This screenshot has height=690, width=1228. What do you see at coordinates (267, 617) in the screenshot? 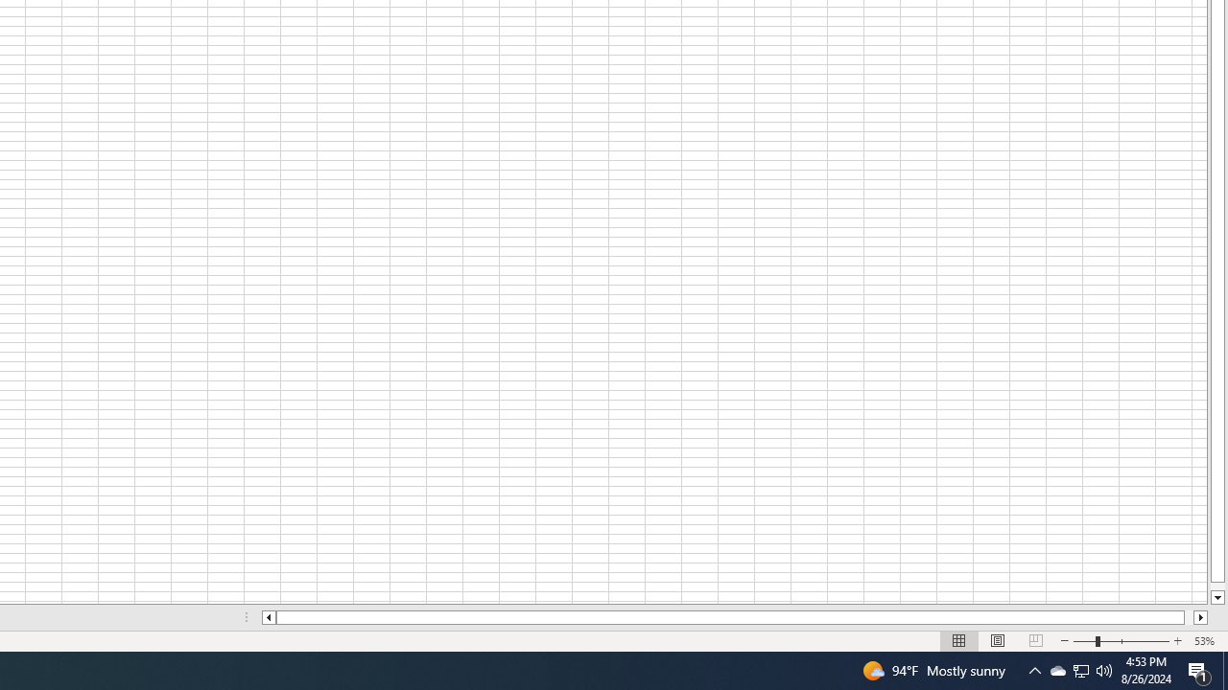
I see `'Column left'` at bounding box center [267, 617].